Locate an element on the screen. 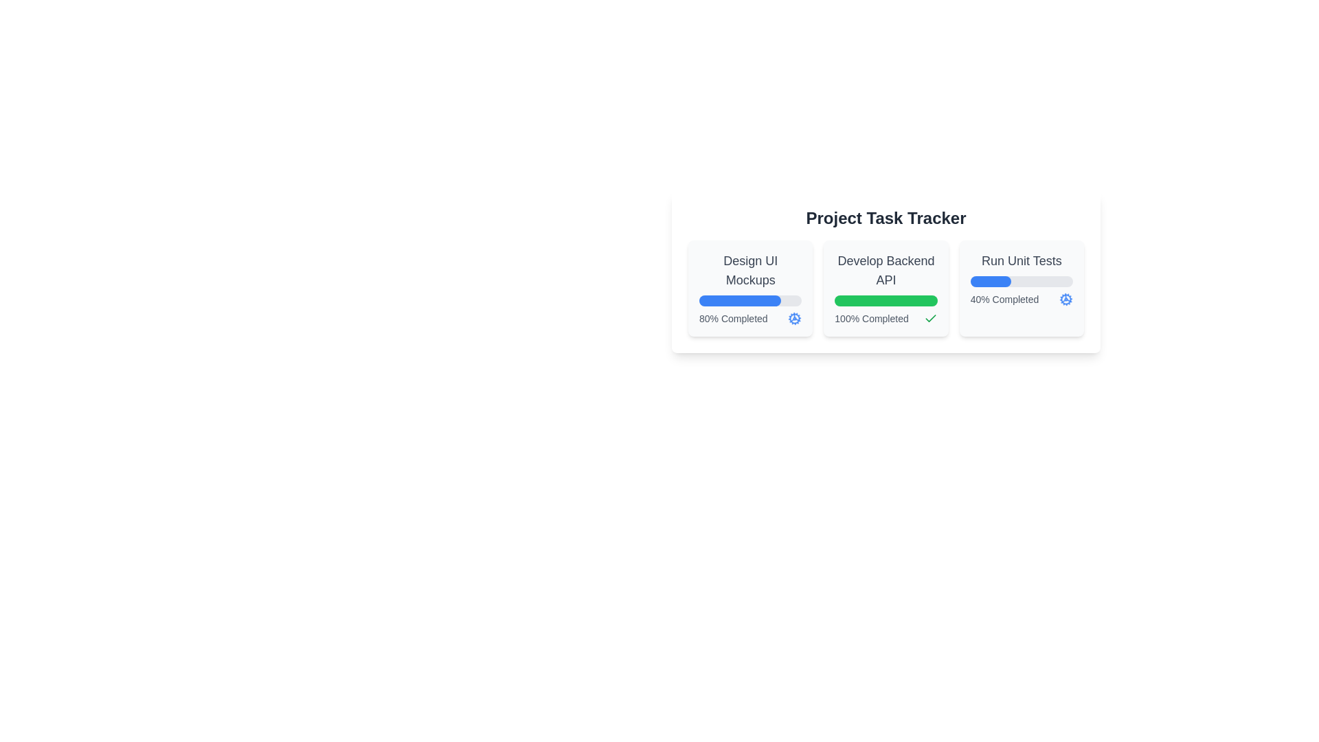 The height and width of the screenshot is (742, 1319). the Task progress indicator labeled 'Develop Backend API' to interact with the surrounding visual elements is located at coordinates (886, 288).